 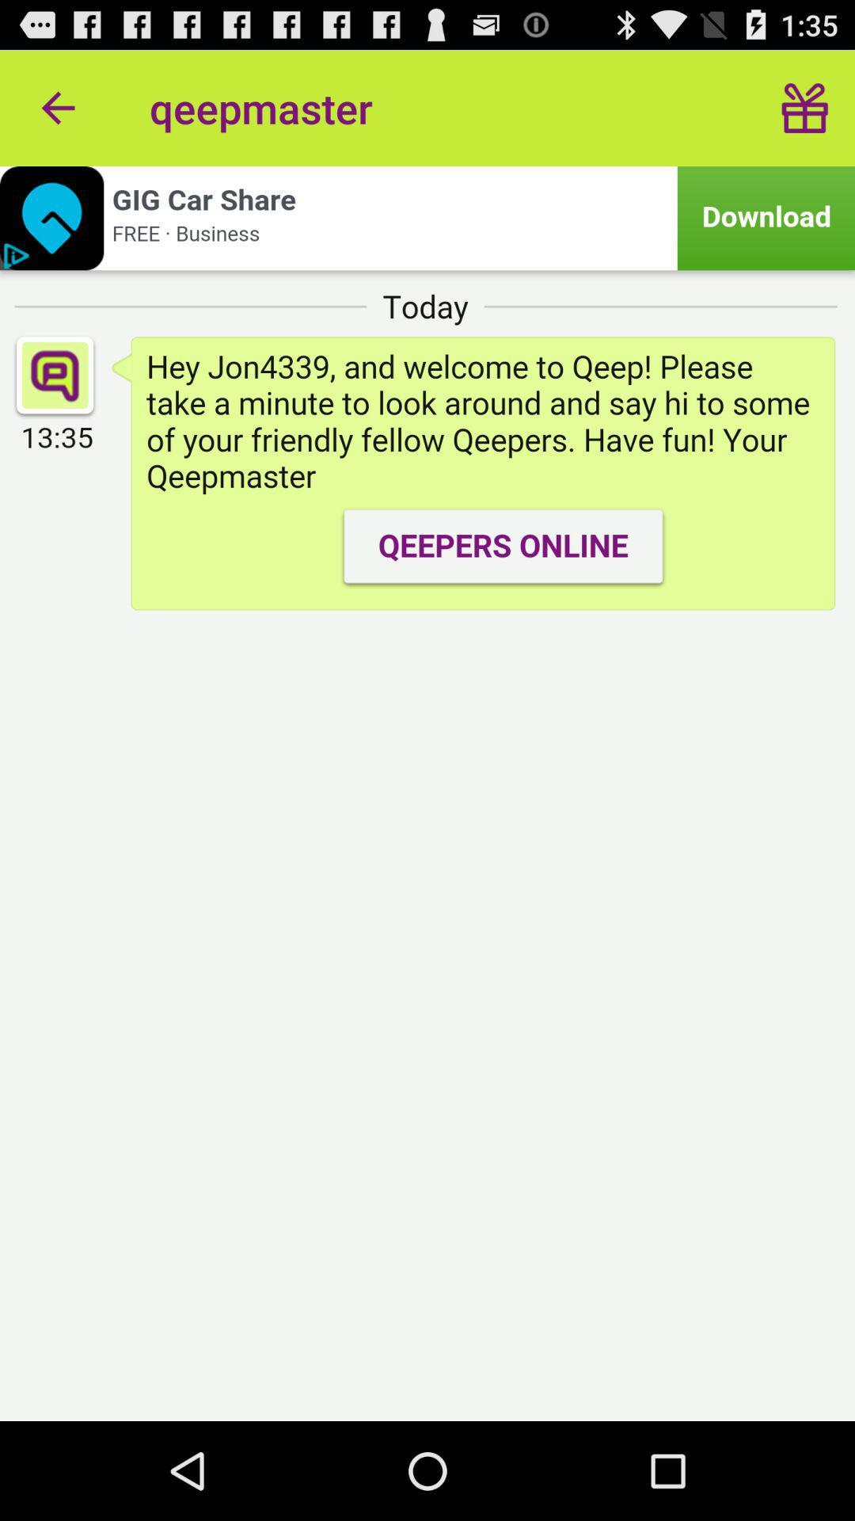 I want to click on download link, so click(x=427, y=217).